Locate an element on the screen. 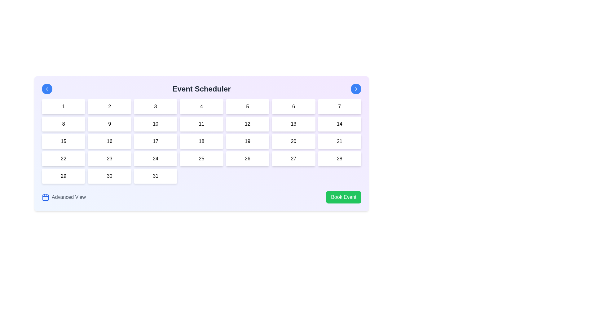 The width and height of the screenshot is (595, 335). the button representing the date '26' in the calendar interface is located at coordinates (247, 159).